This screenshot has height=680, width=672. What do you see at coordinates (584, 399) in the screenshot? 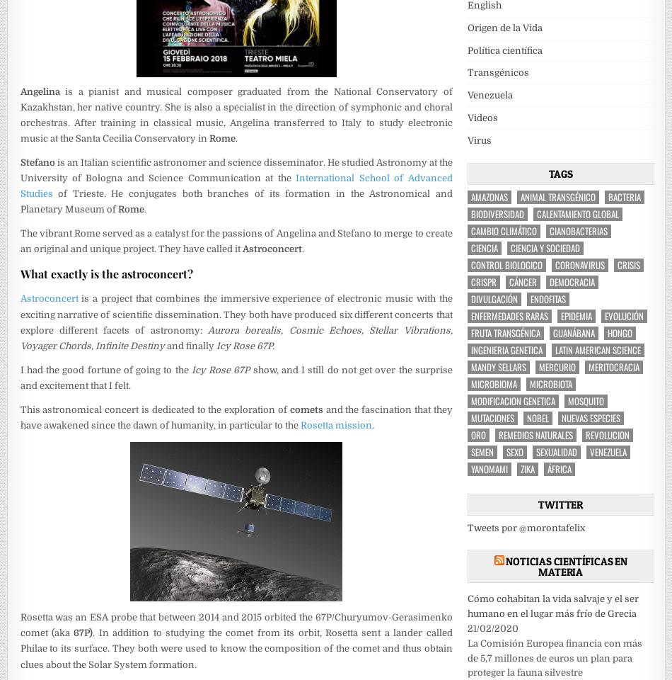
I see `'mosquito'` at bounding box center [584, 399].